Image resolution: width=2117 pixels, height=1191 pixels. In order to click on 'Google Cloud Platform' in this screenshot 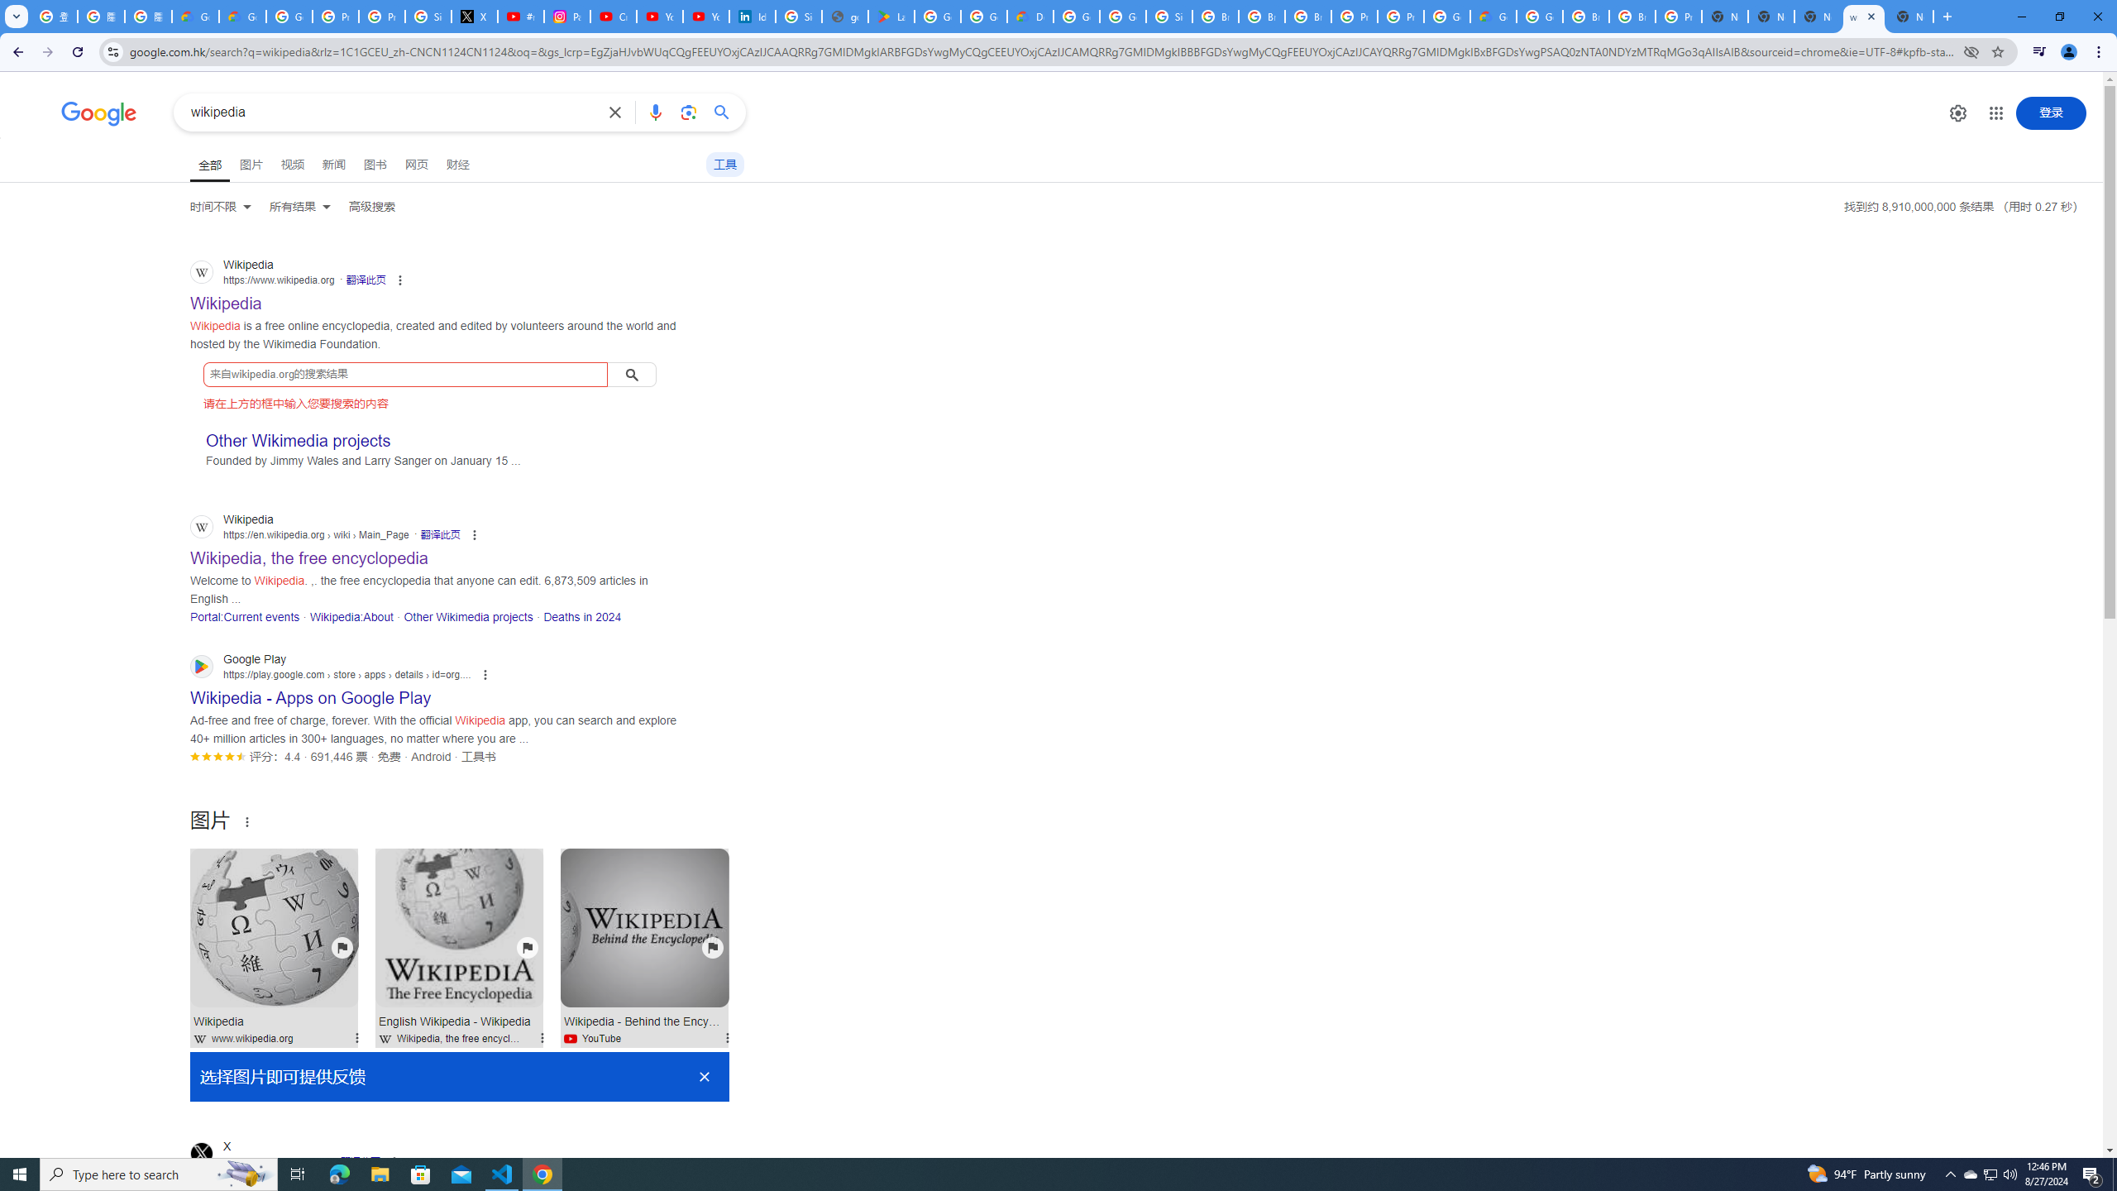, I will do `click(1446, 16)`.